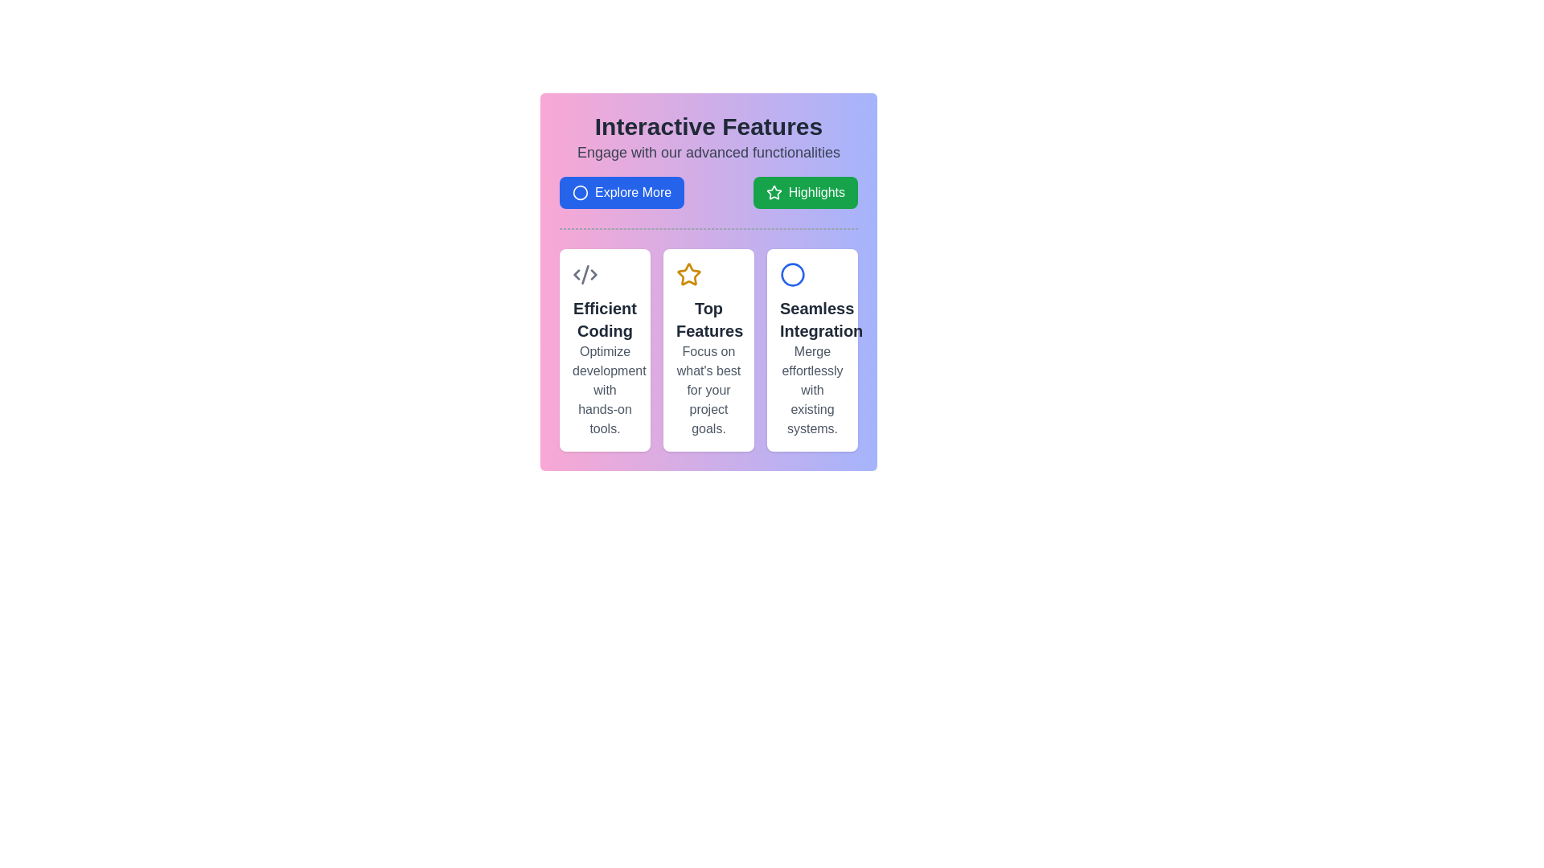 The width and height of the screenshot is (1544, 868). What do you see at coordinates (708, 319) in the screenshot?
I see `text label that says 'Top Features', which is a bold and slightly large font in dark gray, located at the top-middle of the middle card in a horizontal group of three cards` at bounding box center [708, 319].